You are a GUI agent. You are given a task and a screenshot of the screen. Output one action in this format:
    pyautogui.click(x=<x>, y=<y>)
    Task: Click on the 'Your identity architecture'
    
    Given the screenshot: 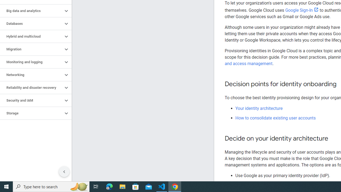 What is the action you would take?
    pyautogui.click(x=259, y=108)
    